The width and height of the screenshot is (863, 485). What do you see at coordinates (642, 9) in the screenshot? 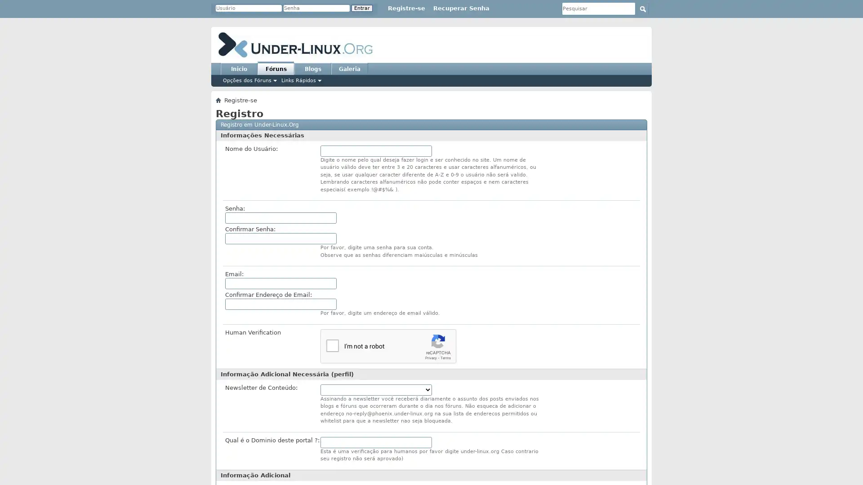
I see `Submit` at bounding box center [642, 9].